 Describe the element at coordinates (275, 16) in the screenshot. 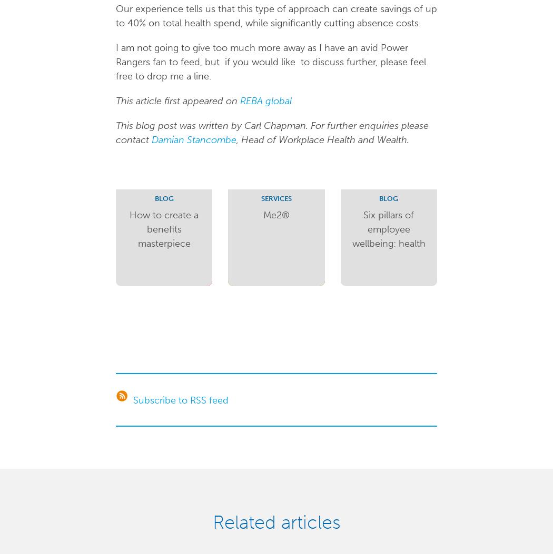

I see `'Our experience tells us that this type of approach can create savings of up to 40% on total health spend, while significantly cutting absence costs.'` at that location.